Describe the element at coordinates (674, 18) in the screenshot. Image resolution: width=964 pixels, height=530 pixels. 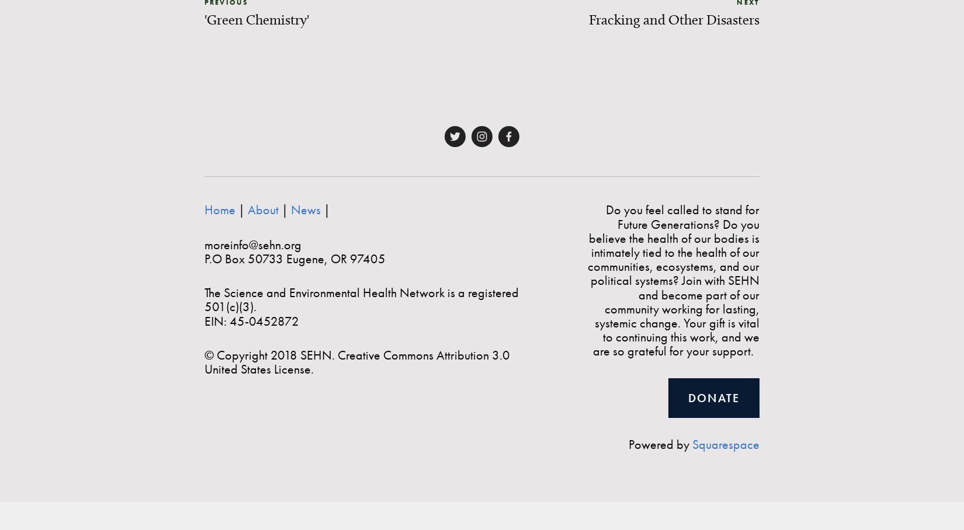
I see `'Fracking and Other Disasters'` at that location.